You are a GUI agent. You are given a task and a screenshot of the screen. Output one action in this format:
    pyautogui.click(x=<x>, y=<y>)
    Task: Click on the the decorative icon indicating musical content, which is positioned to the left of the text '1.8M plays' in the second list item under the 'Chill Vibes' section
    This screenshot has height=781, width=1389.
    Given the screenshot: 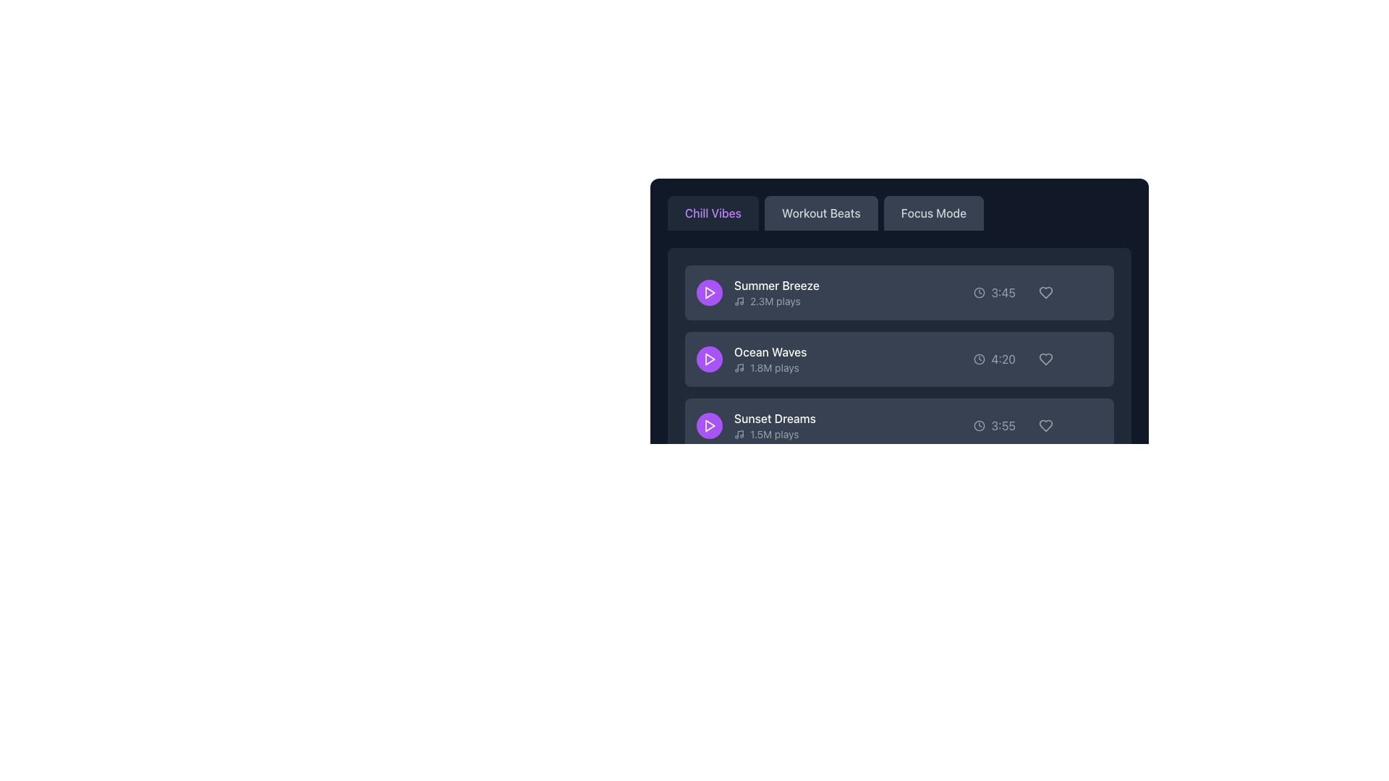 What is the action you would take?
    pyautogui.click(x=739, y=367)
    